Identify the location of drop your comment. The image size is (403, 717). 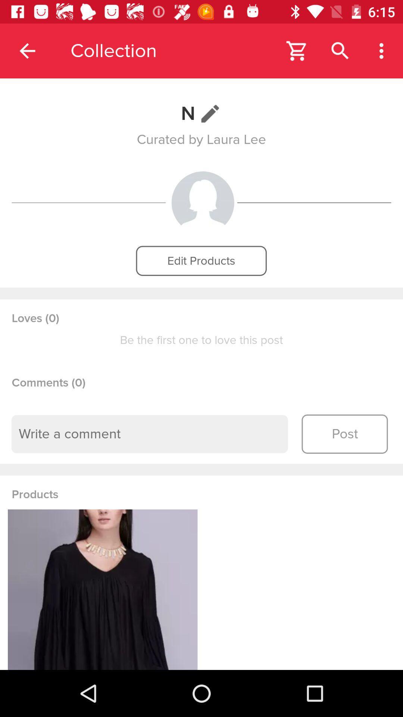
(150, 434).